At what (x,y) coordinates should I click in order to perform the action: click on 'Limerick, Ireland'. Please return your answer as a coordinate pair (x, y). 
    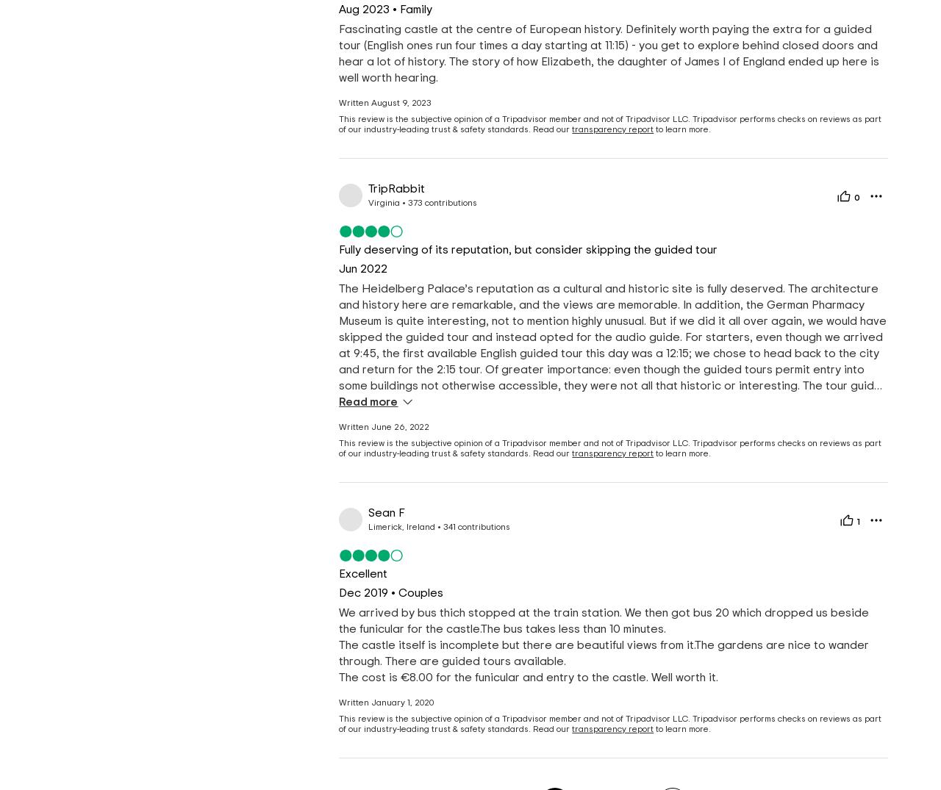
    Looking at the image, I should click on (368, 526).